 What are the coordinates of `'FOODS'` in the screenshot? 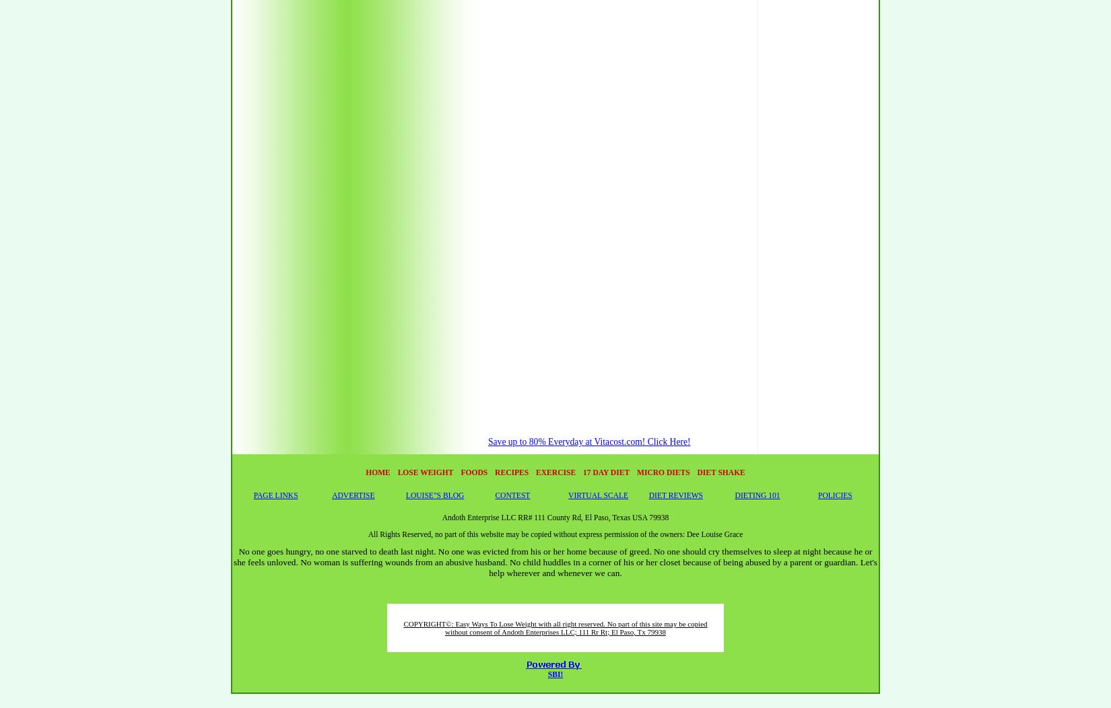 It's located at (473, 471).